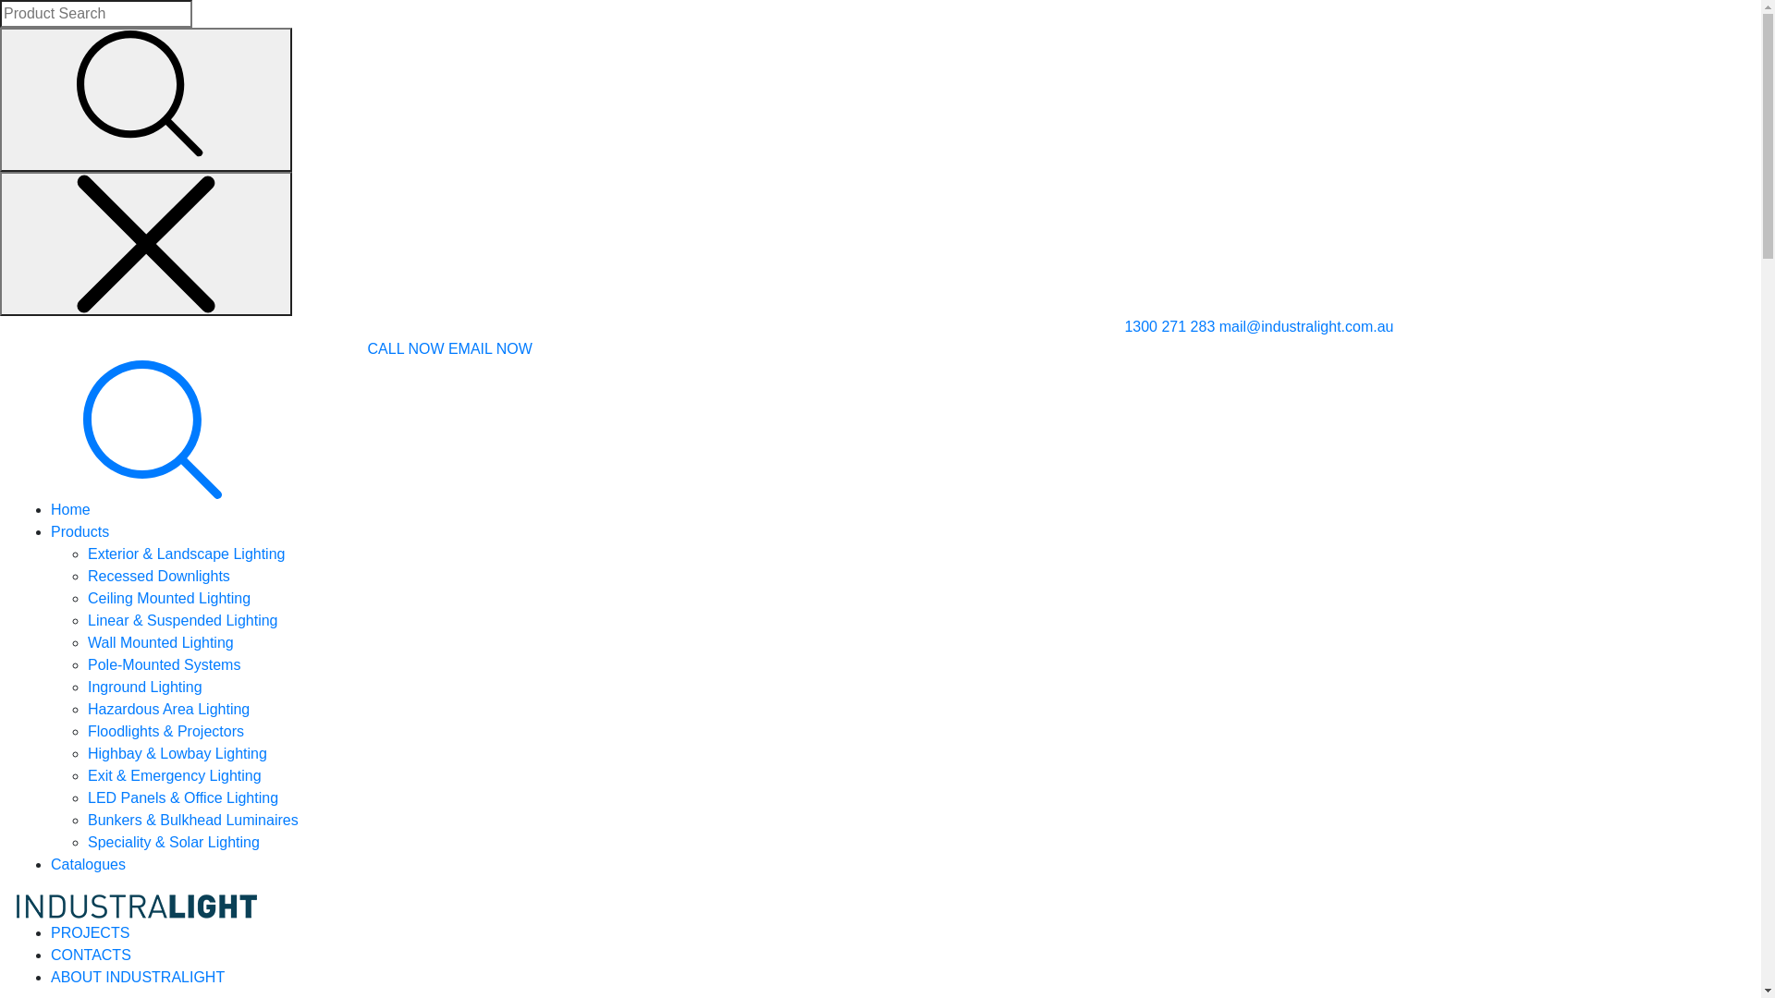 The height and width of the screenshot is (998, 1775). What do you see at coordinates (182, 797) in the screenshot?
I see `'LED Panels & Office Lighting'` at bounding box center [182, 797].